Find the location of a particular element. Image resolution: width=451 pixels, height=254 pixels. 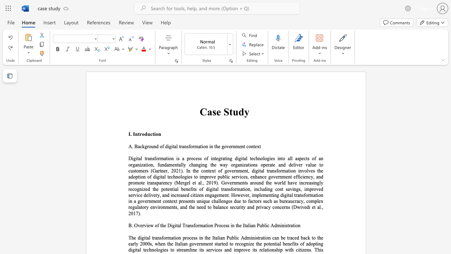

the space between the continuous character "t" and "u" in the text is located at coordinates (233, 111).